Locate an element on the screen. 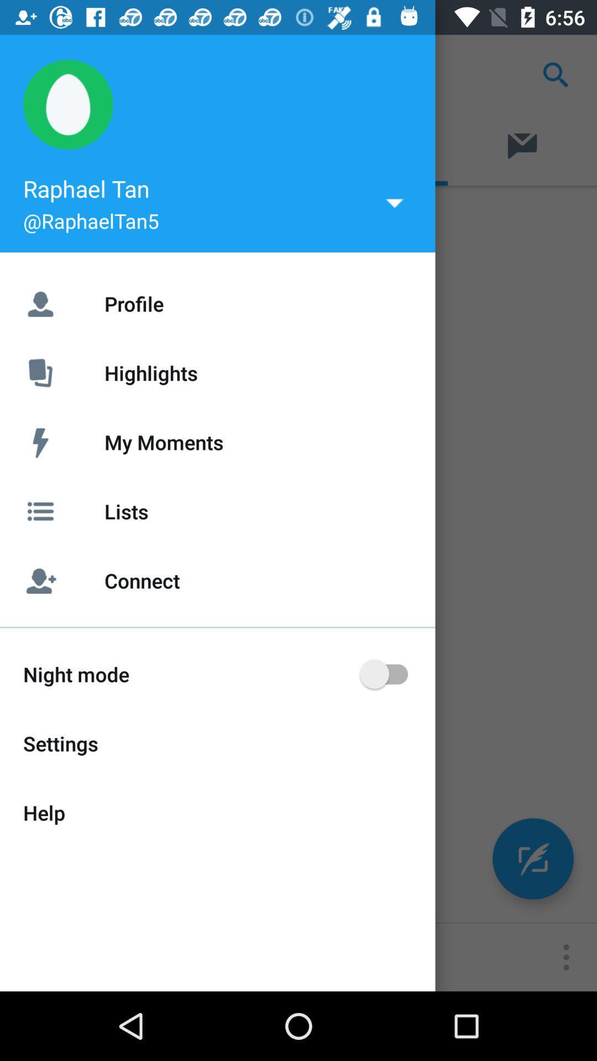  the edit icon is located at coordinates (532, 858).